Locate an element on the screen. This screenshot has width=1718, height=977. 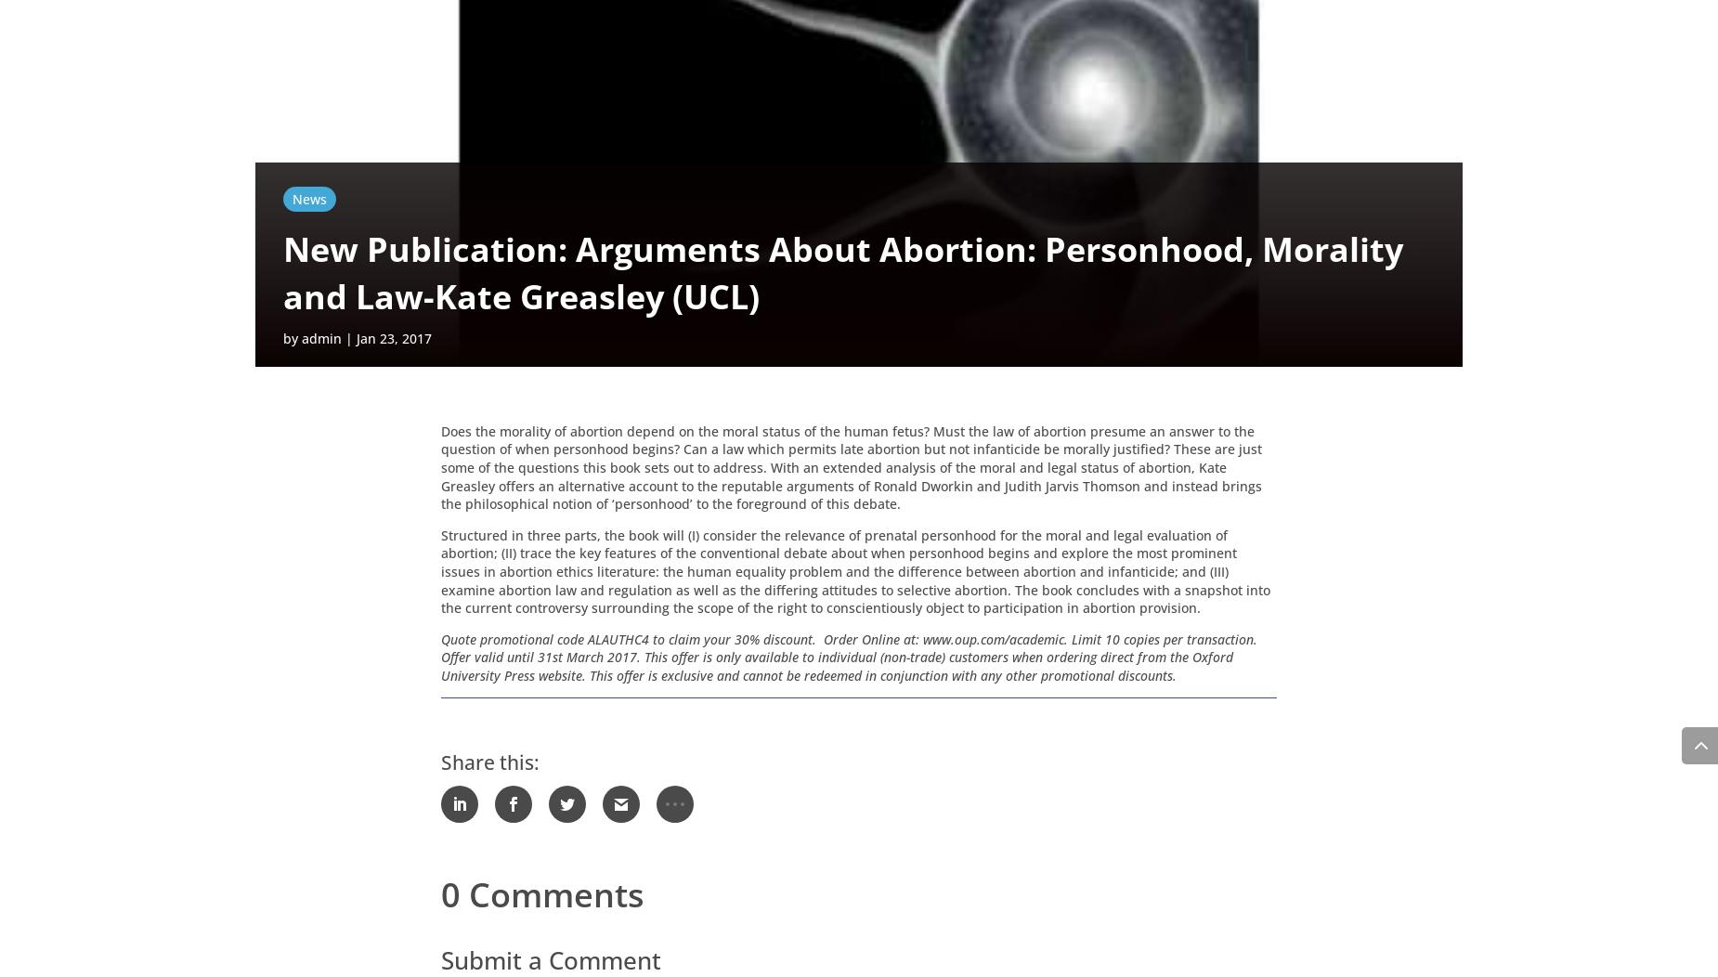
'Structured in three parts, the book will (I) consider the relevance of prenatal personhood for the moral and legal evaluation of abortion; (II) trace the key features of the conventional debate about when personhood begins and explore the most prominent issues in abortion ethics literature: the human equality problem and the difference between abortion and infanticide; and (III) examine abortion law and regulation as well as the differing attitudes to selective abortion. The book concludes with a snapshot into the current controversy surrounding the scope of the right to conscientiously object to participation in abortion provision.' is located at coordinates (855, 574).